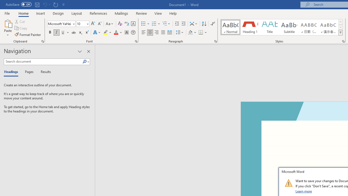 This screenshot has width=348, height=196. Describe the element at coordinates (45, 4) in the screenshot. I see `'Can'` at that location.